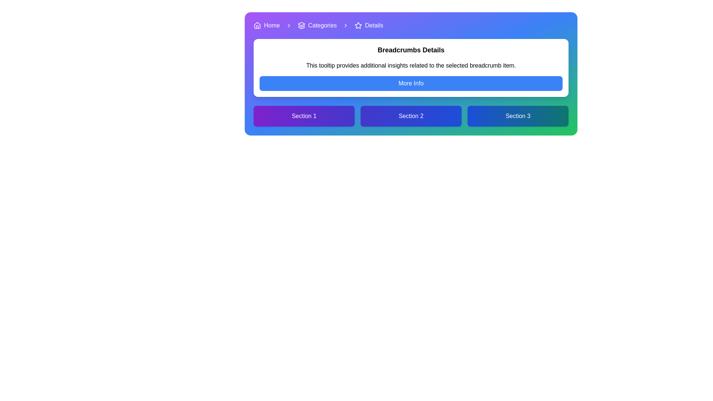 Image resolution: width=713 pixels, height=401 pixels. Describe the element at coordinates (301, 25) in the screenshot. I see `the visual representation of the icon depicting three stacked layers, located as the first icon in the breadcrumb navigation bar next to the 'Categories' label` at that location.